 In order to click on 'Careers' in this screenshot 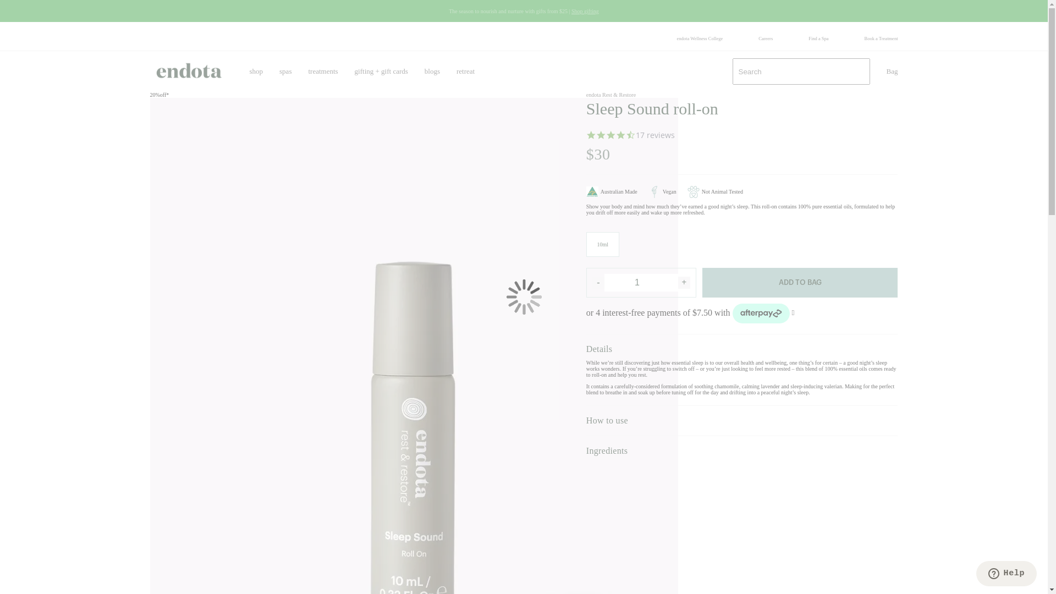, I will do `click(765, 37)`.